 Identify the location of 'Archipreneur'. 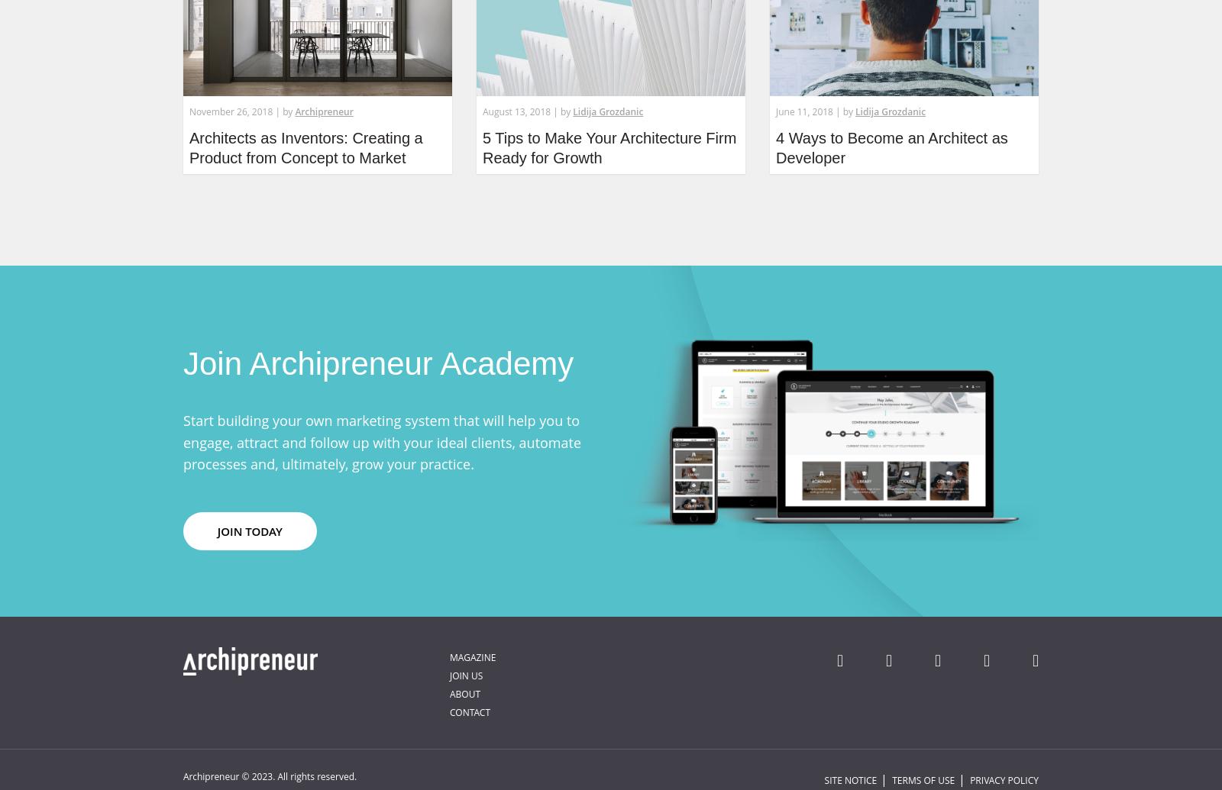
(323, 111).